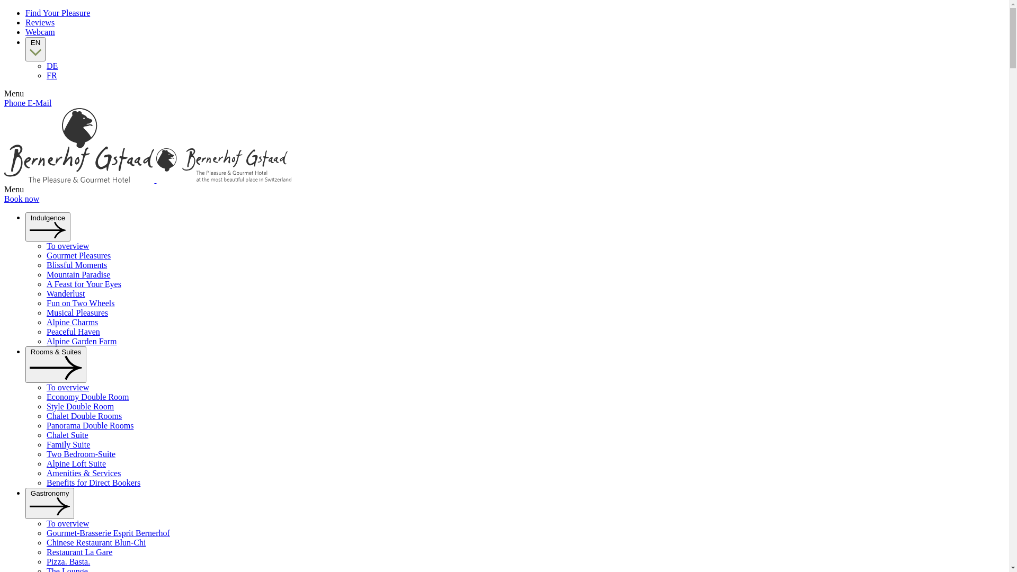  What do you see at coordinates (46, 255) in the screenshot?
I see `'Gourmet Pleasures'` at bounding box center [46, 255].